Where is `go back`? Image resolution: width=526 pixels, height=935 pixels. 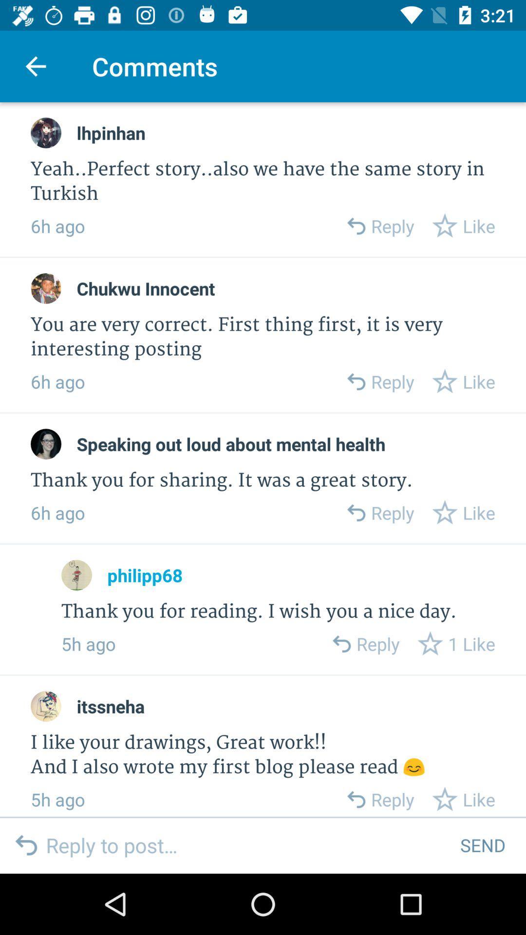 go back is located at coordinates (356, 381).